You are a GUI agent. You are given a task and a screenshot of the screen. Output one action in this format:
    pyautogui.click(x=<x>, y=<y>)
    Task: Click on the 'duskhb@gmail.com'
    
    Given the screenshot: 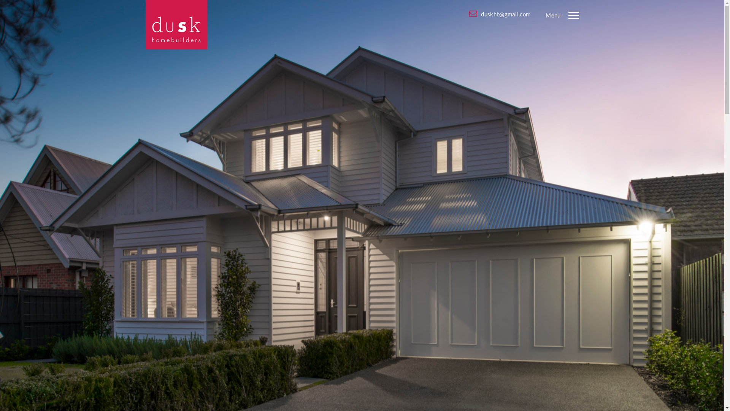 What is the action you would take?
    pyautogui.click(x=461, y=14)
    